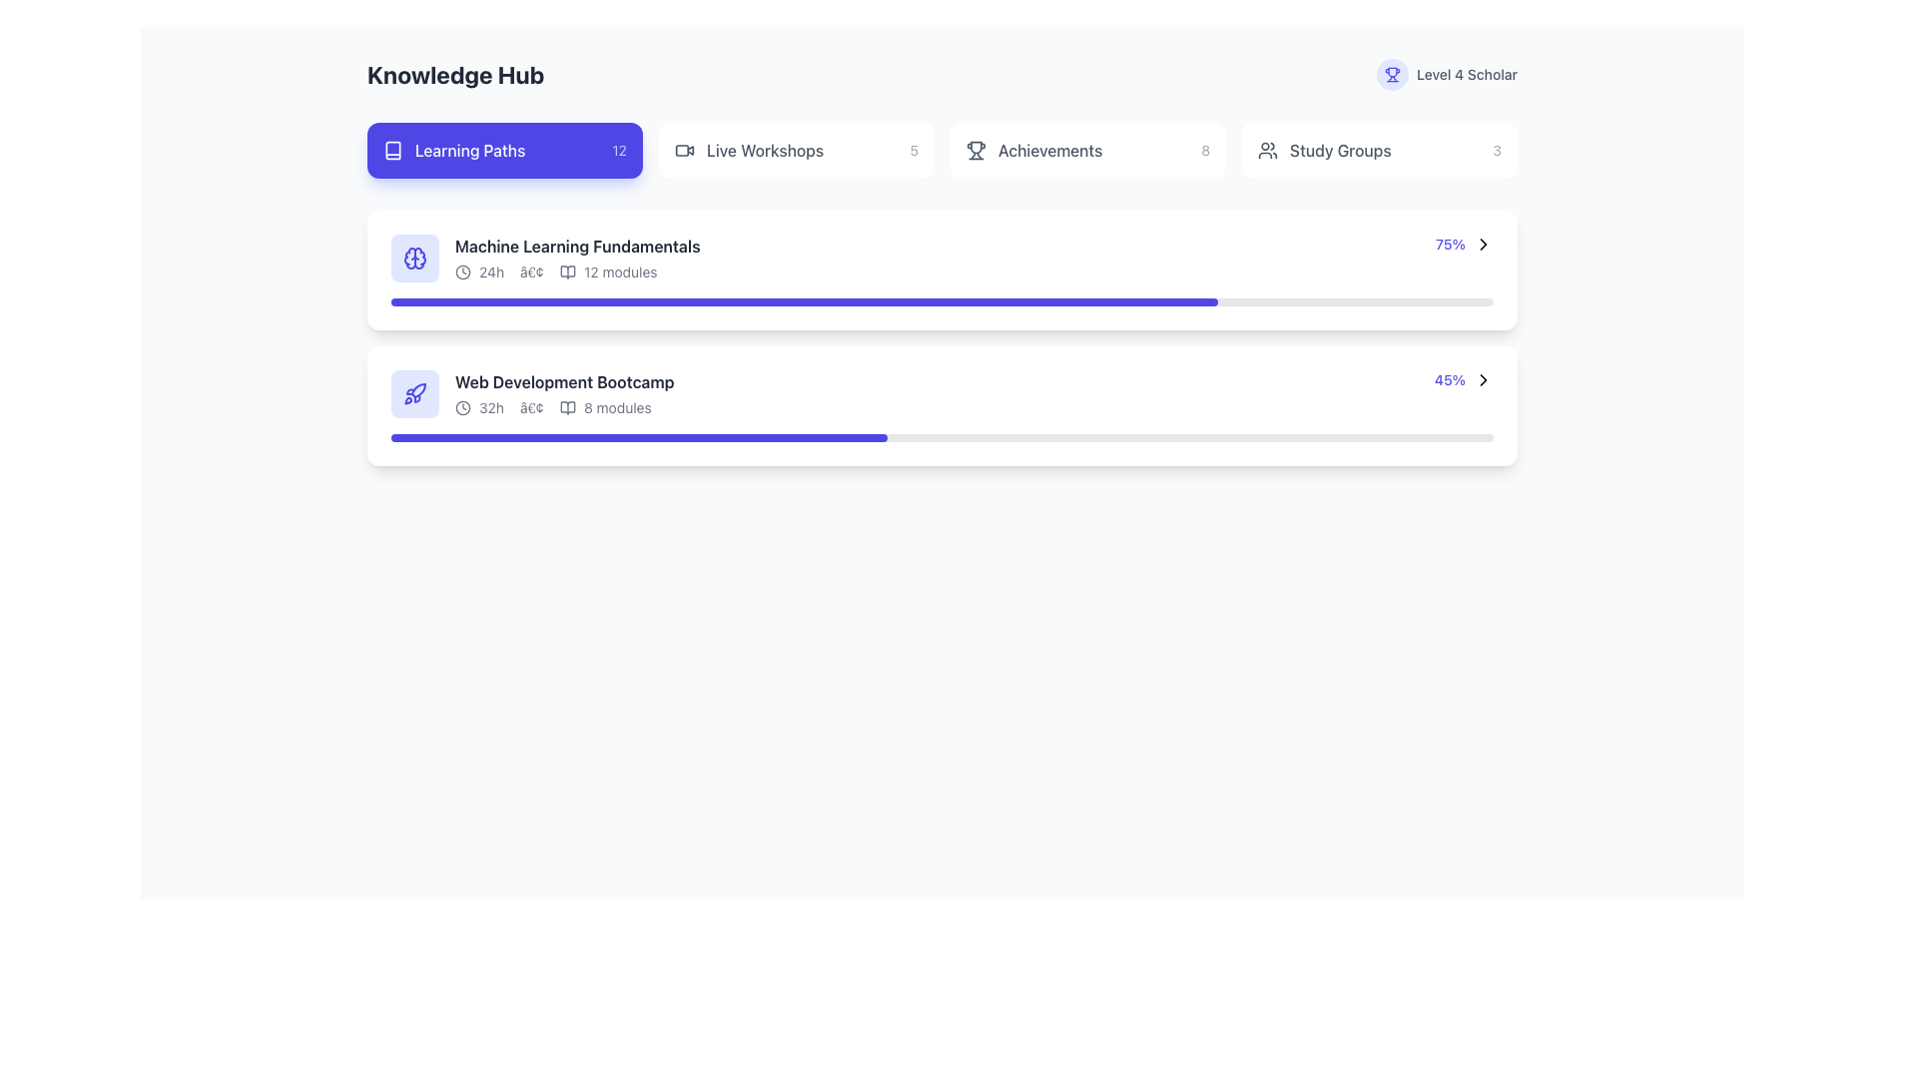 Image resolution: width=1917 pixels, height=1078 pixels. I want to click on the clickable navigation link element featuring a blue percentage value and a black rightward arrow icon located at the bottom-right corner of the 'Web Development Bootcamp' card, so click(1464, 380).